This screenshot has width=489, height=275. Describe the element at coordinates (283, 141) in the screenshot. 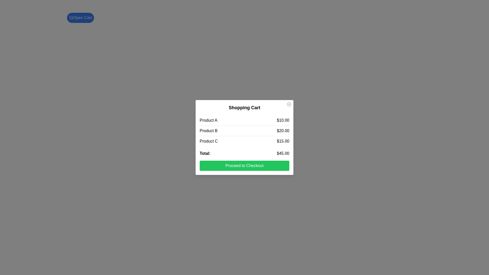

I see `the text label displaying the value '$15.00' in black color, located to the right of 'Product C' in the shopping cart interface` at that location.